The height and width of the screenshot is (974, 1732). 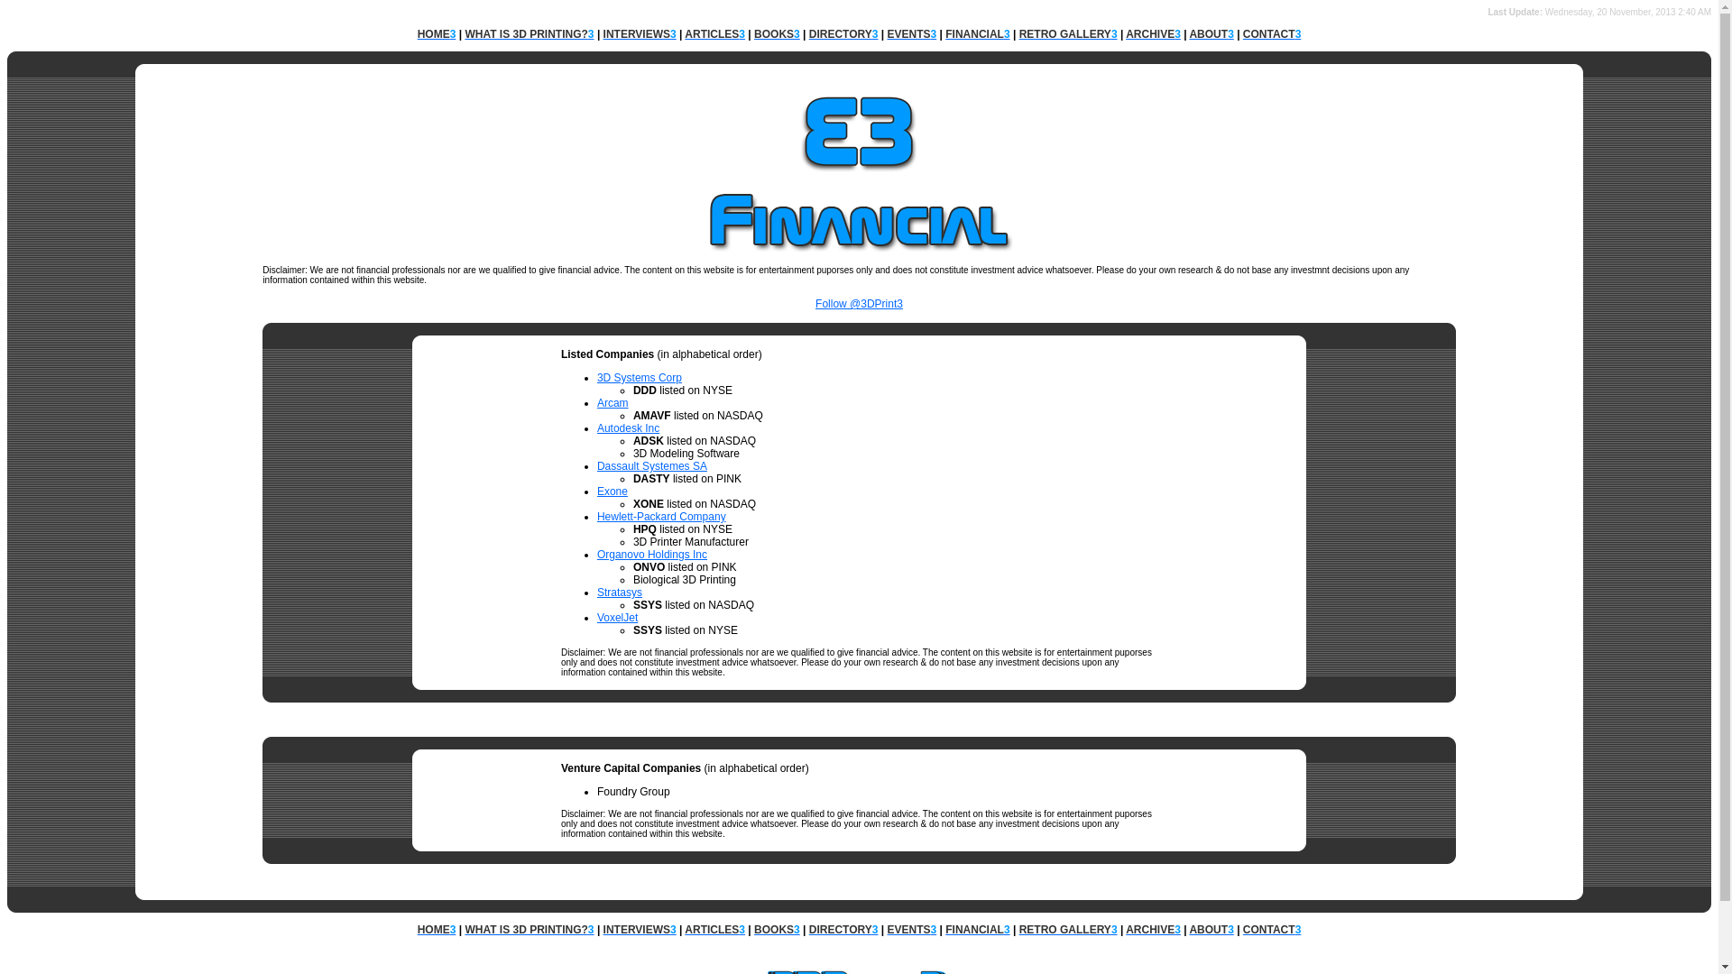 What do you see at coordinates (714, 34) in the screenshot?
I see `'ARTICLES3'` at bounding box center [714, 34].